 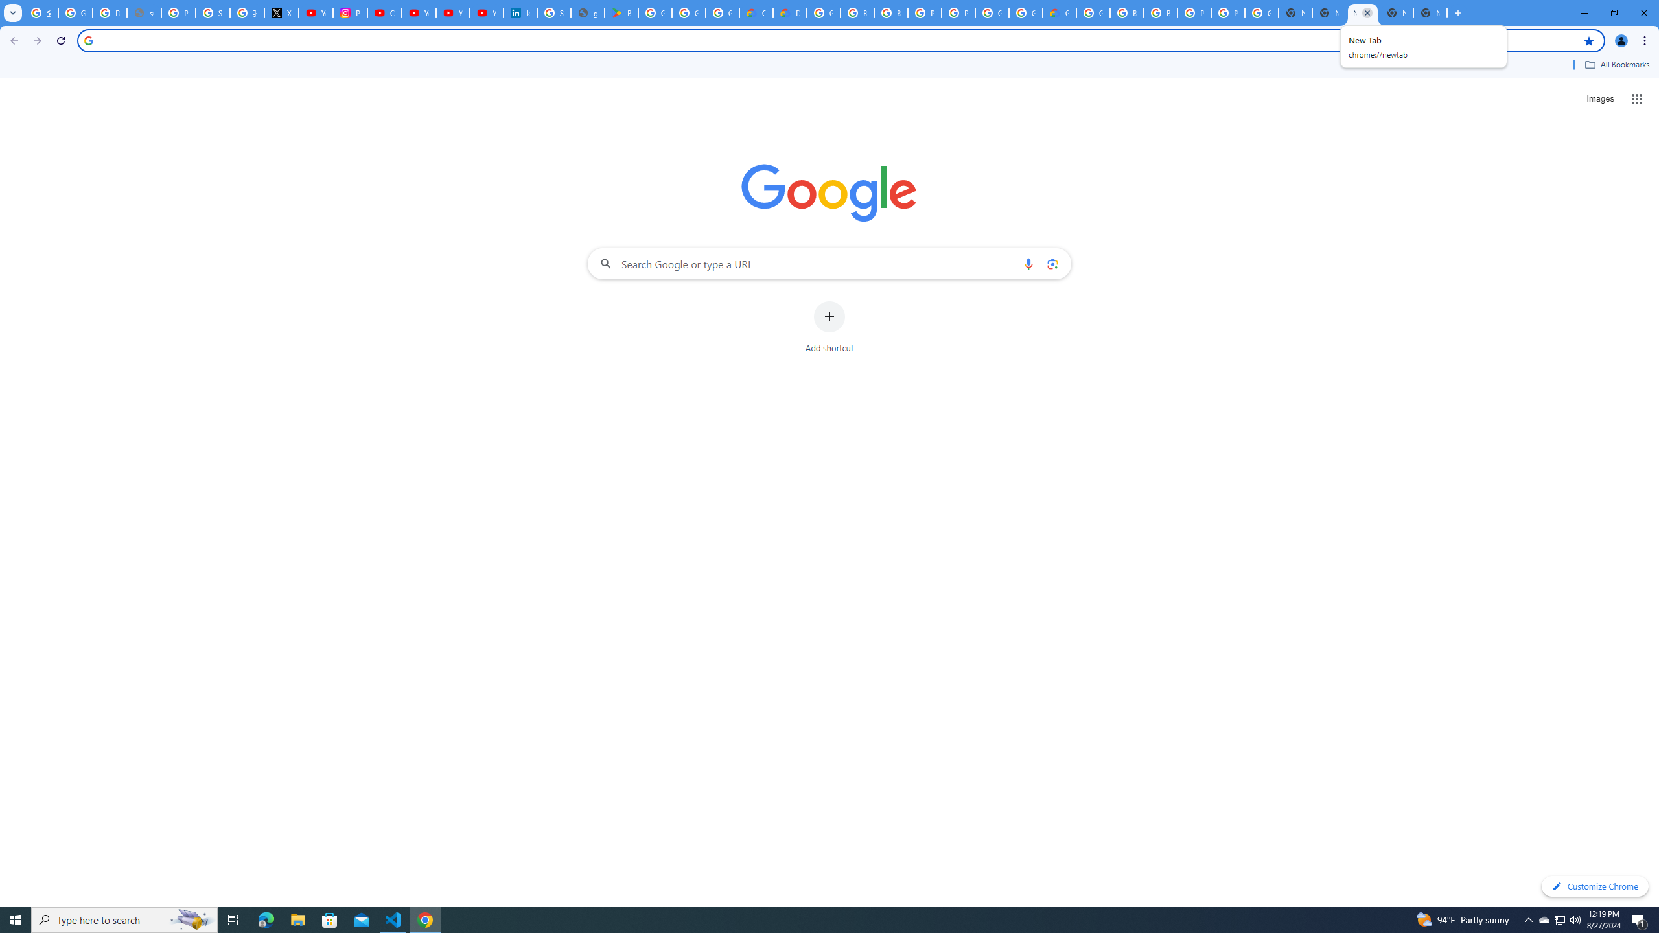 I want to click on 'Google Cloud Platform', so click(x=1093, y=12).